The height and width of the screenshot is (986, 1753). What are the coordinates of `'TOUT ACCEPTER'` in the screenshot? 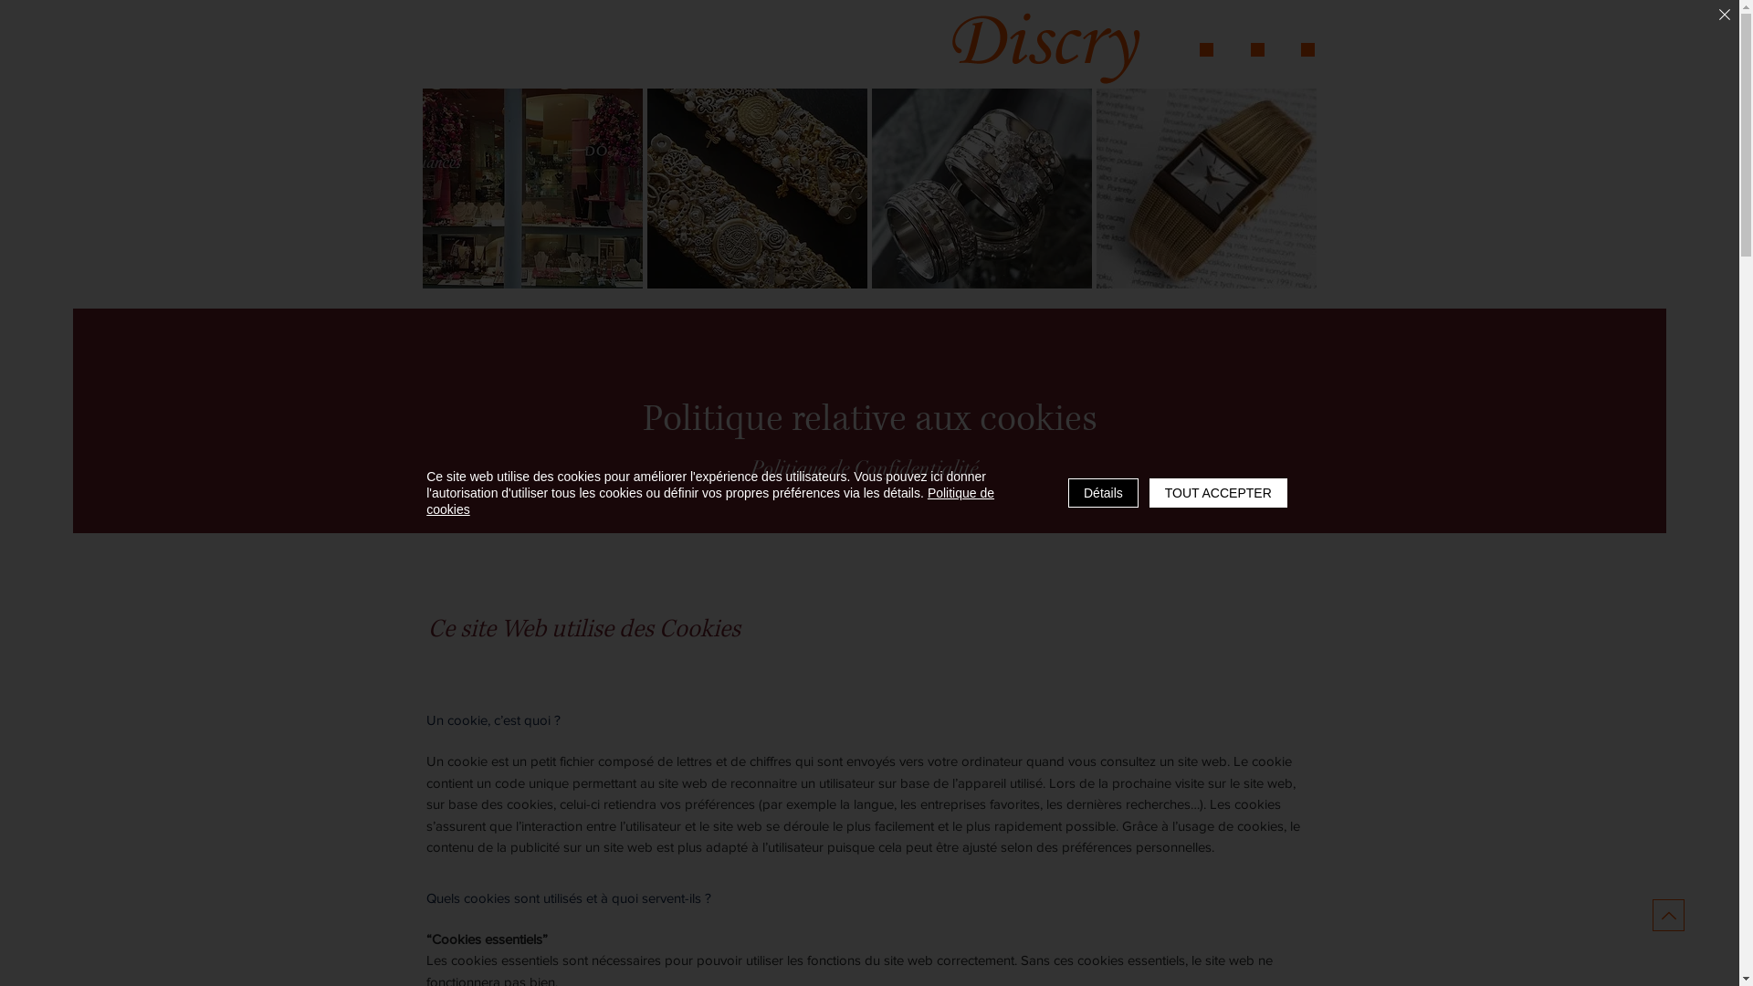 It's located at (1148, 493).